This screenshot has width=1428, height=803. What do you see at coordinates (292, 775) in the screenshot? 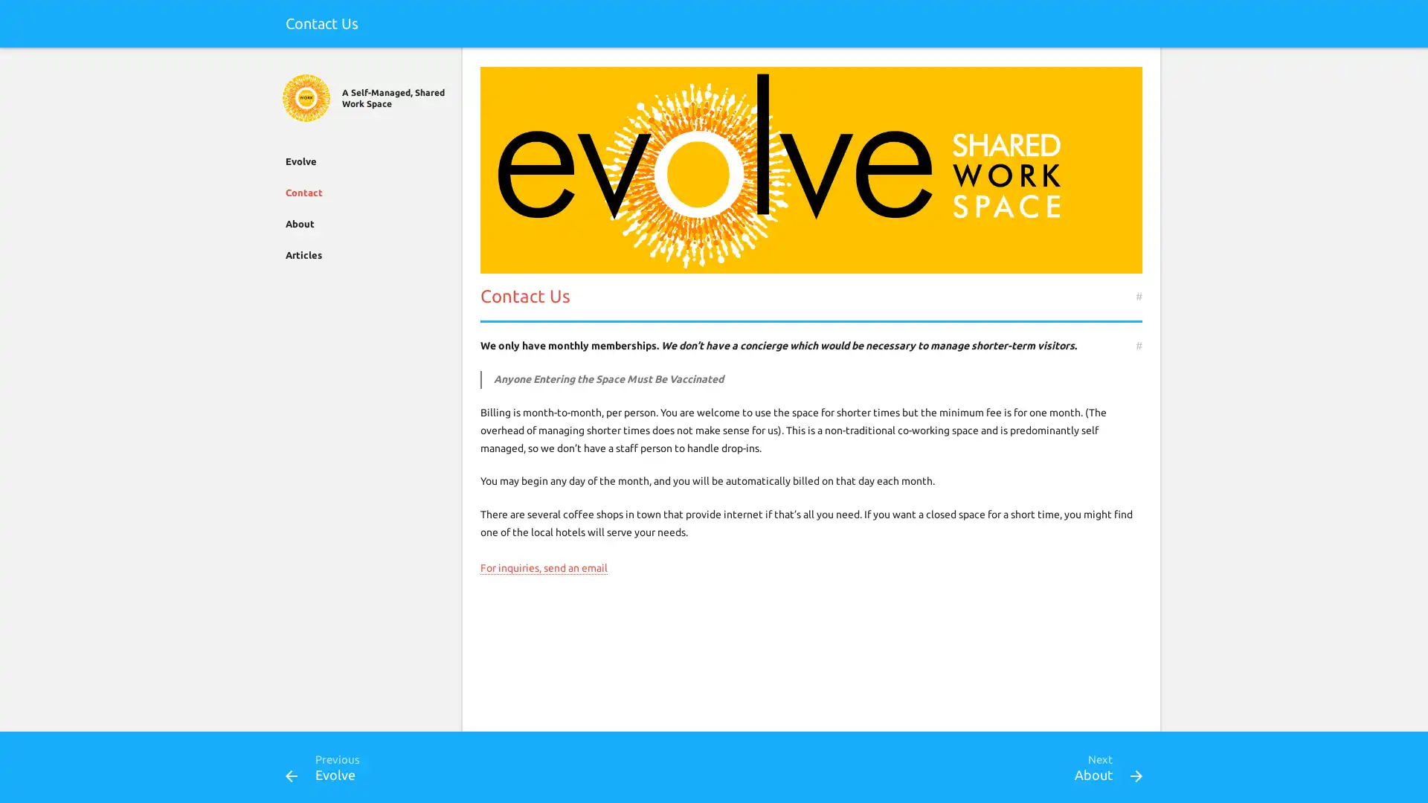
I see `Previous` at bounding box center [292, 775].